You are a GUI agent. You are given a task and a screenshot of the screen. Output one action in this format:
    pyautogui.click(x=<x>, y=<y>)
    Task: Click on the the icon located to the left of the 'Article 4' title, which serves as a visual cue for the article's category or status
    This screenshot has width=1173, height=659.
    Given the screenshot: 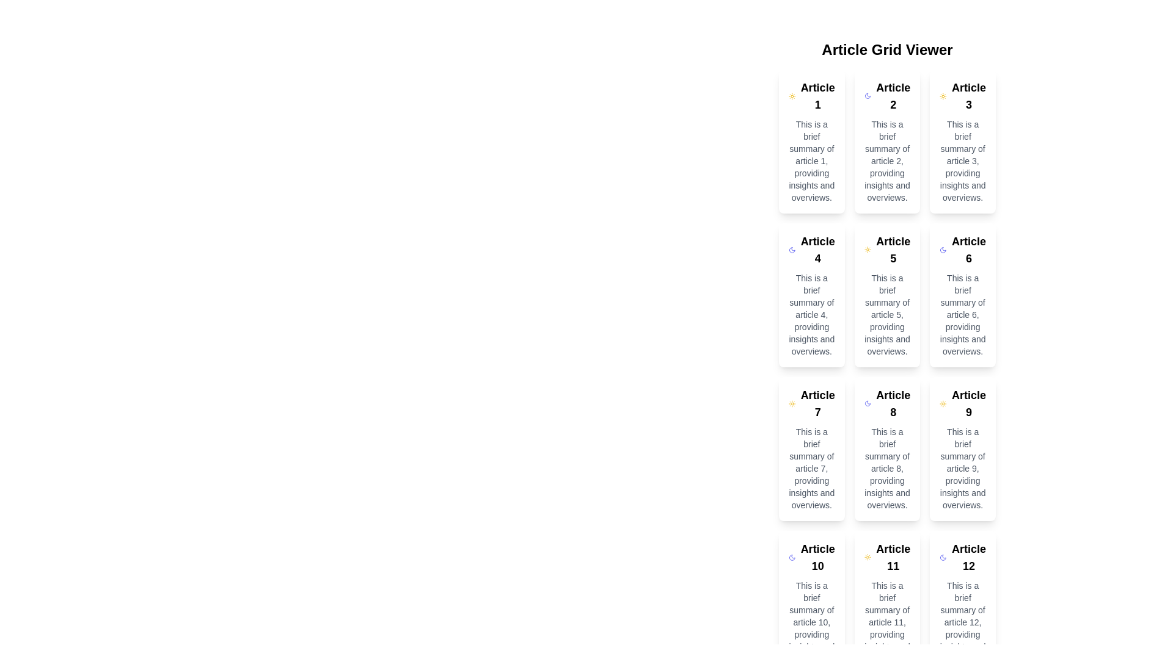 What is the action you would take?
    pyautogui.click(x=792, y=249)
    